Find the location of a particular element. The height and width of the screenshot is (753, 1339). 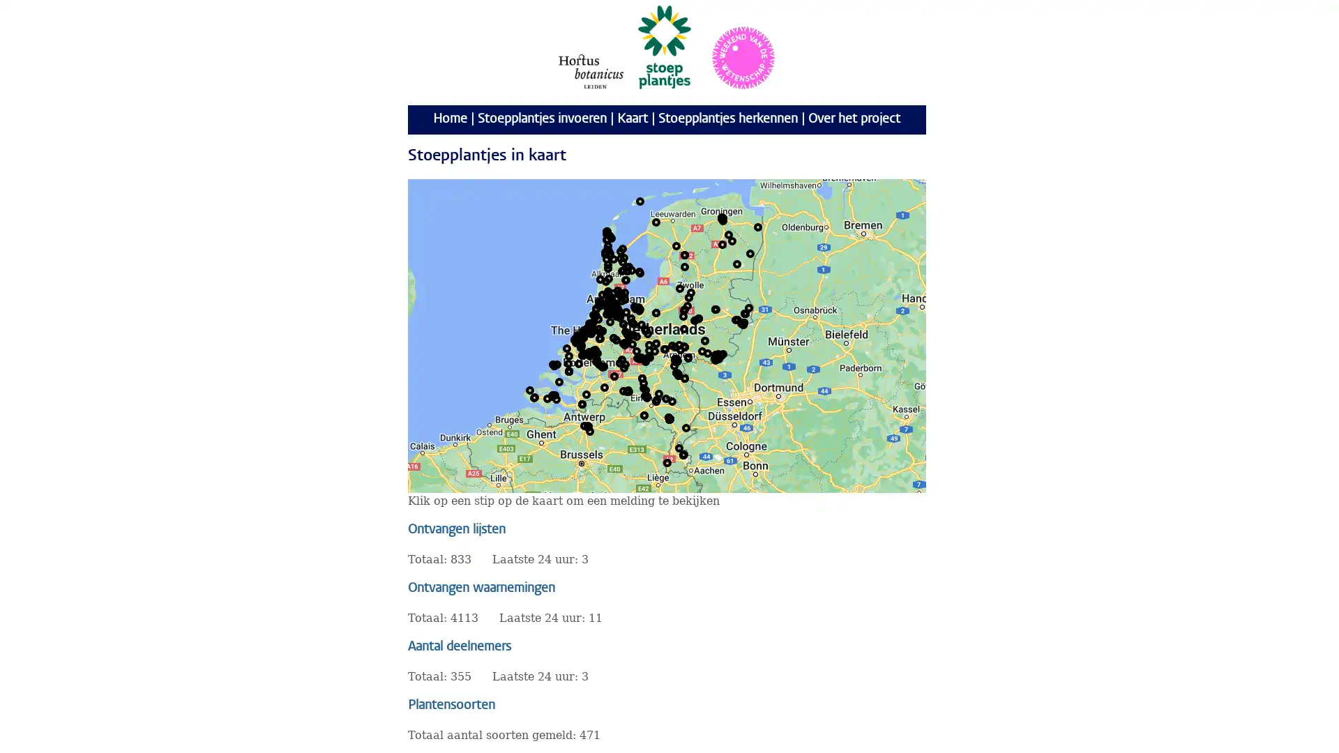

Telling van op 09 mei 2022 is located at coordinates (718, 352).